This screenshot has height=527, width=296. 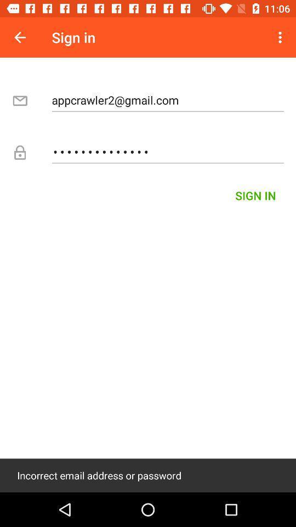 What do you see at coordinates (168, 100) in the screenshot?
I see `appcrawler2@gmail.com icon` at bounding box center [168, 100].